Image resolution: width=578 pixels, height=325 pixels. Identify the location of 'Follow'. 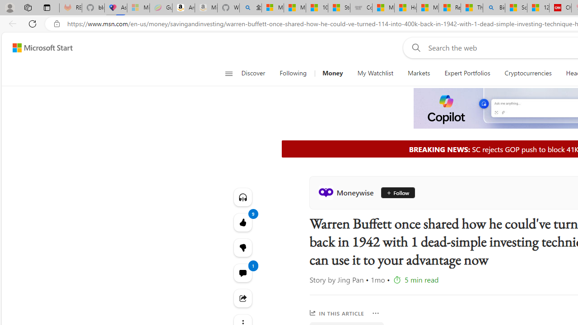
(394, 192).